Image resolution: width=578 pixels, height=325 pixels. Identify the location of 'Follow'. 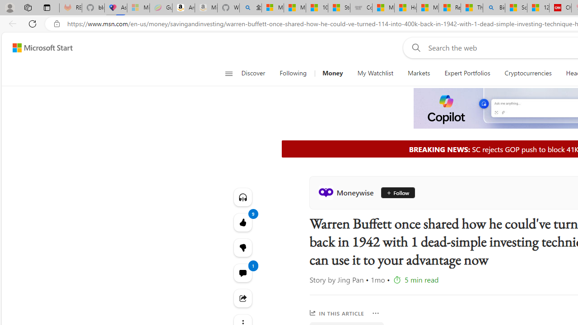
(394, 192).